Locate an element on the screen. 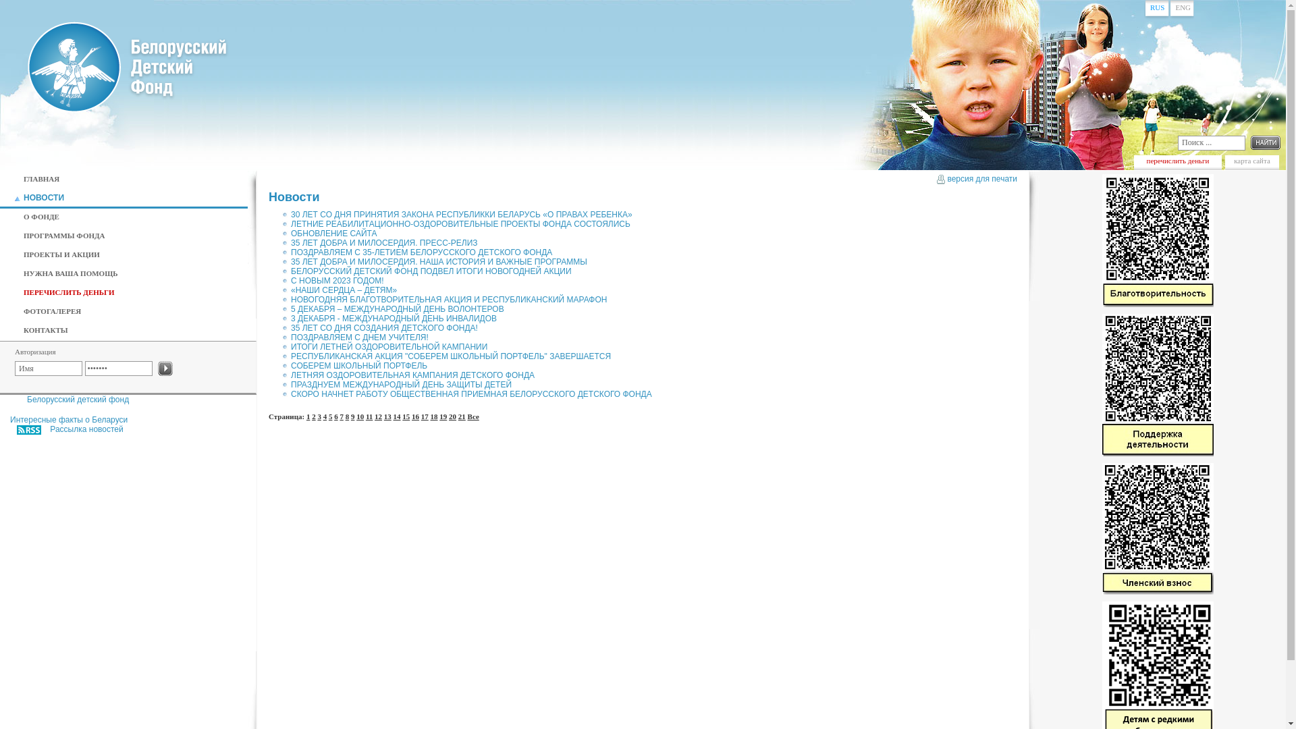 The width and height of the screenshot is (1296, 729). 'Support_Ops' is located at coordinates (1156, 385).